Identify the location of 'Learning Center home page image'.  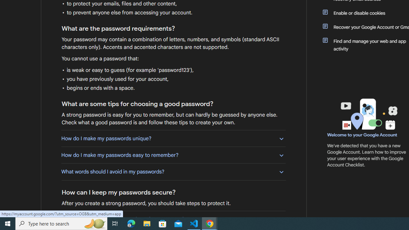
(368, 114).